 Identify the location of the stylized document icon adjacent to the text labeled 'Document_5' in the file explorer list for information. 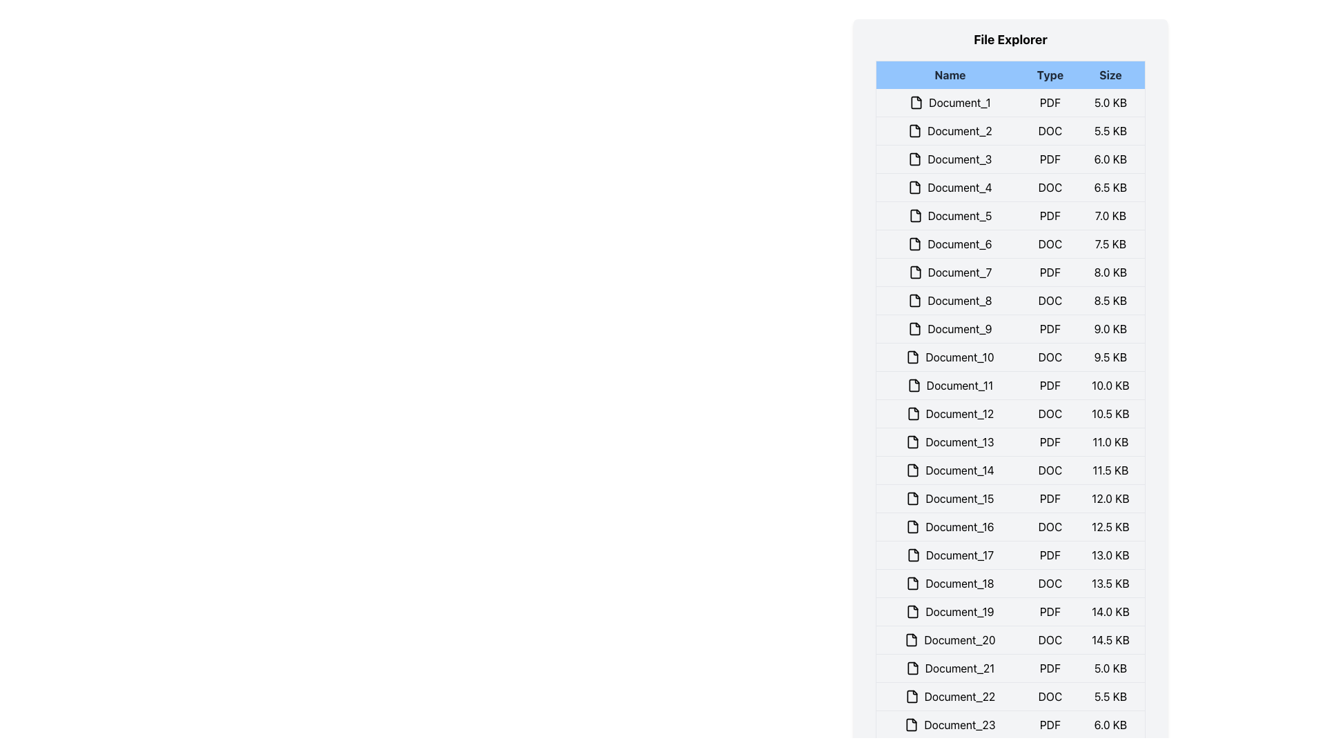
(915, 215).